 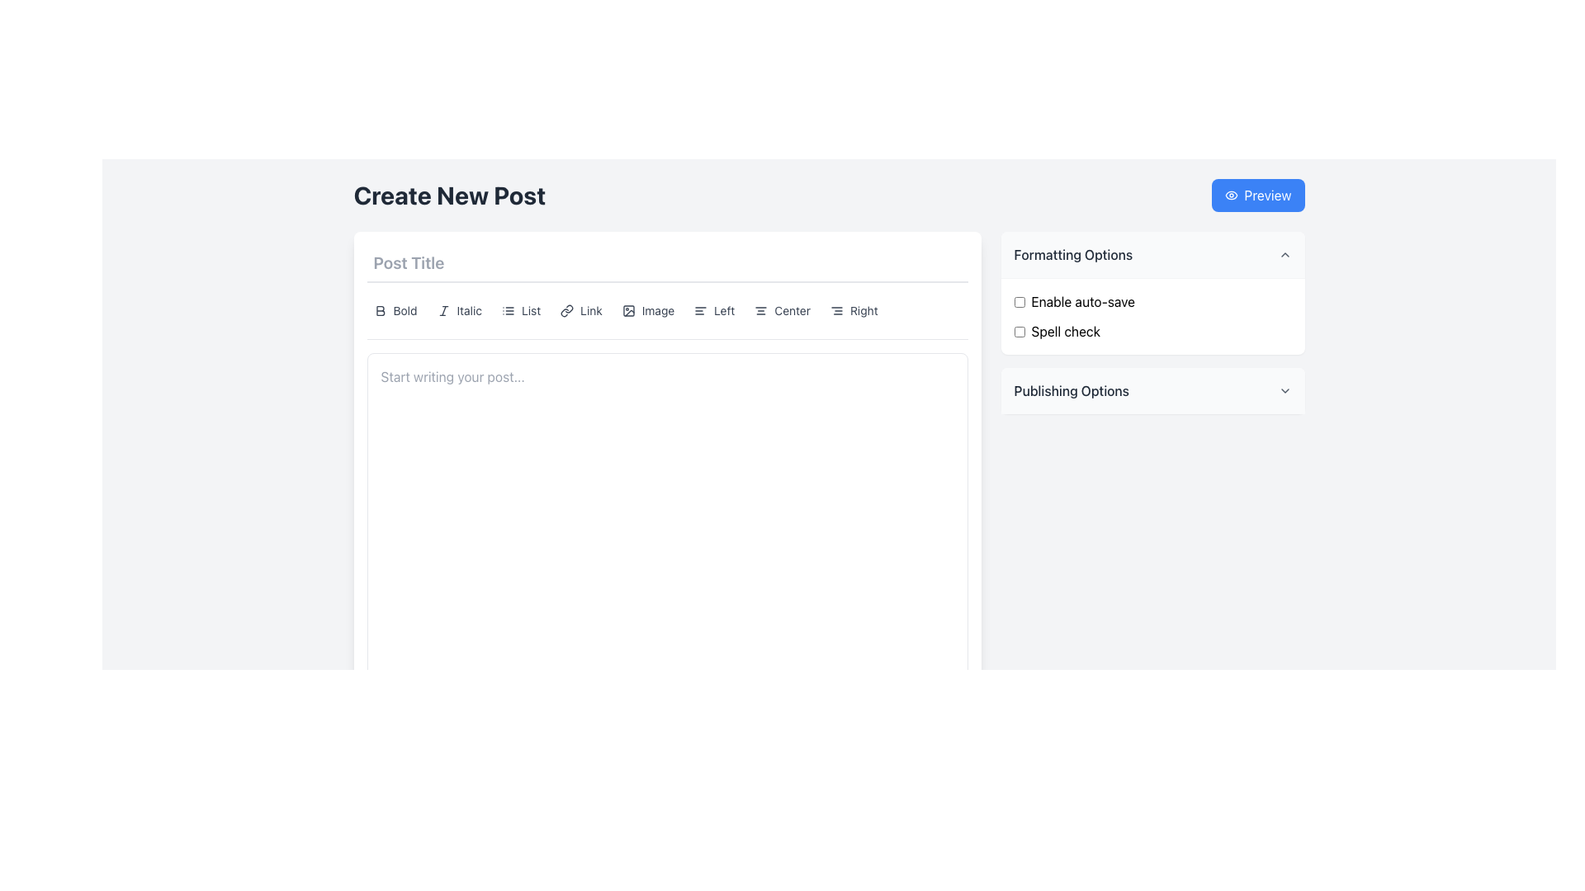 What do you see at coordinates (468, 311) in the screenshot?
I see `the italic formatting label within the button located between the bold formatting option and the list option in the text editor's toolbar` at bounding box center [468, 311].